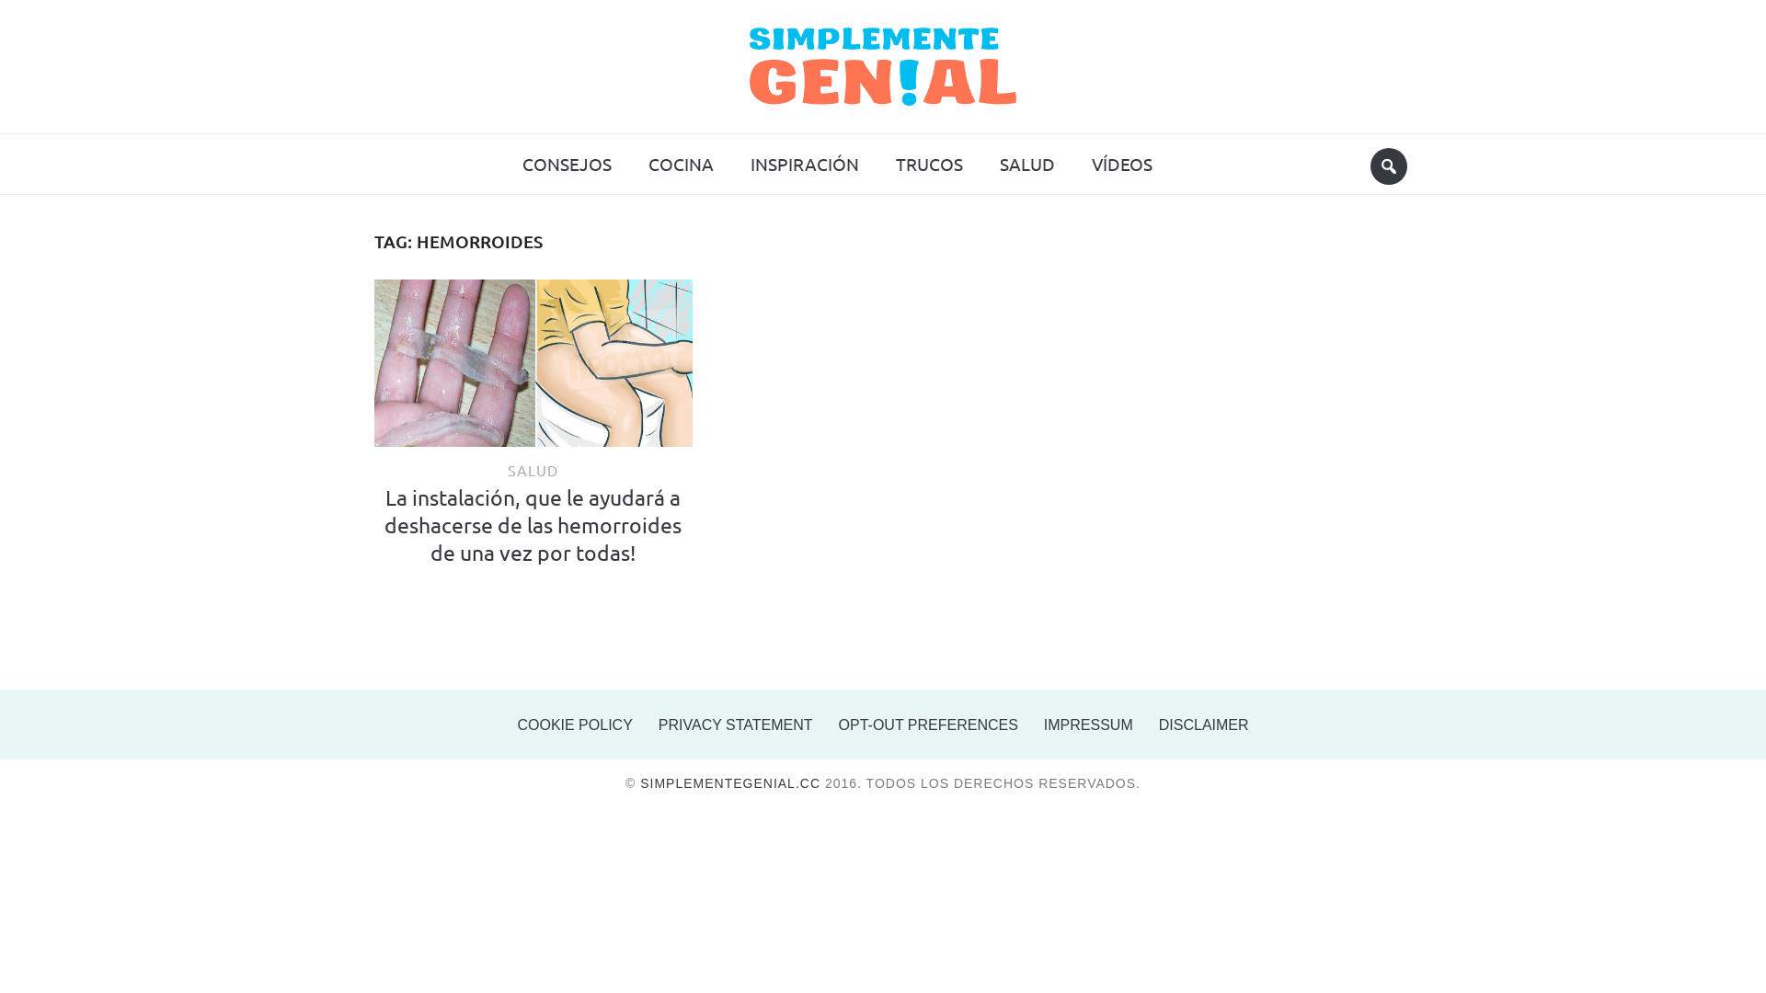 The width and height of the screenshot is (1766, 993). Describe the element at coordinates (565, 163) in the screenshot. I see `'CONSEJOS'` at that location.